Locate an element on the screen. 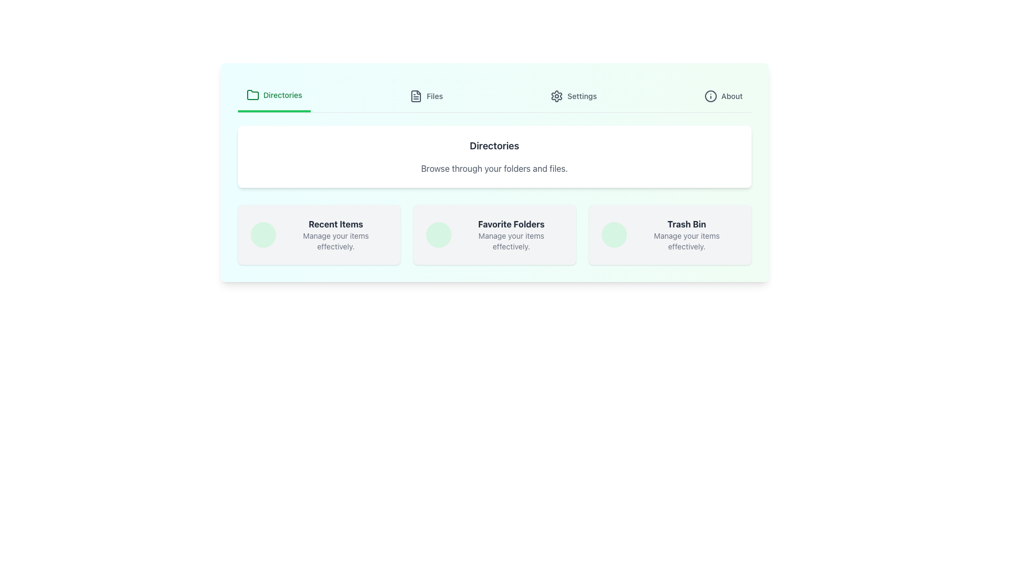  the static text label indicating the section for favorite folders to focus on it, as it is centrally positioned between 'Recent Items' and 'Trash Bin' is located at coordinates (510, 224).